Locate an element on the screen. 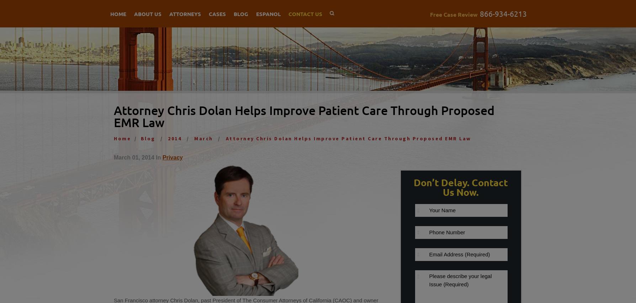 Image resolution: width=636 pixels, height=303 pixels. 'Cases' is located at coordinates (209, 13).